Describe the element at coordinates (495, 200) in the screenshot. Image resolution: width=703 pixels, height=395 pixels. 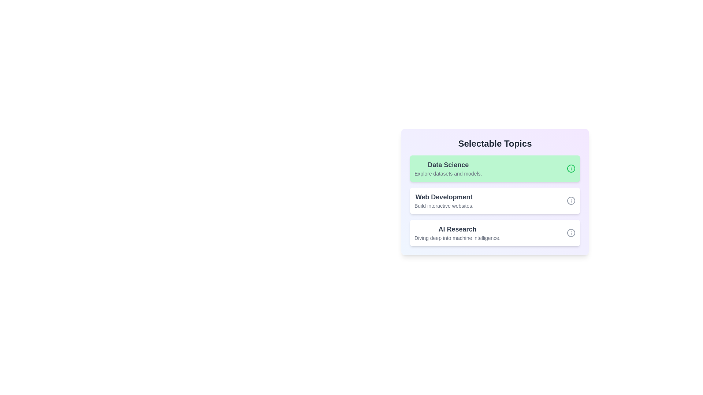
I see `the topic Web Development by clicking on it` at that location.